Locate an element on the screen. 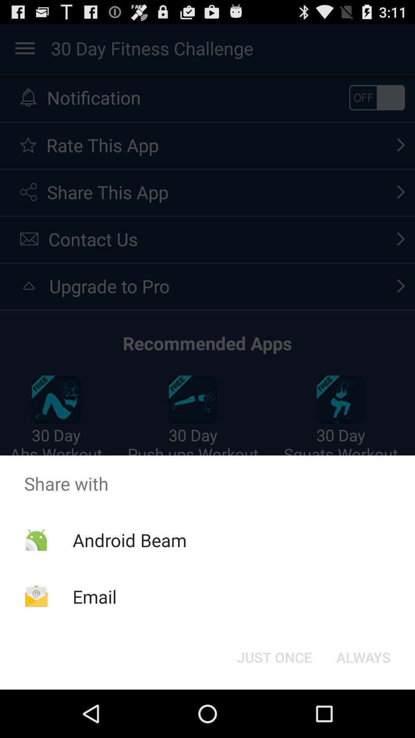 The image size is (415, 738). email app is located at coordinates (94, 596).